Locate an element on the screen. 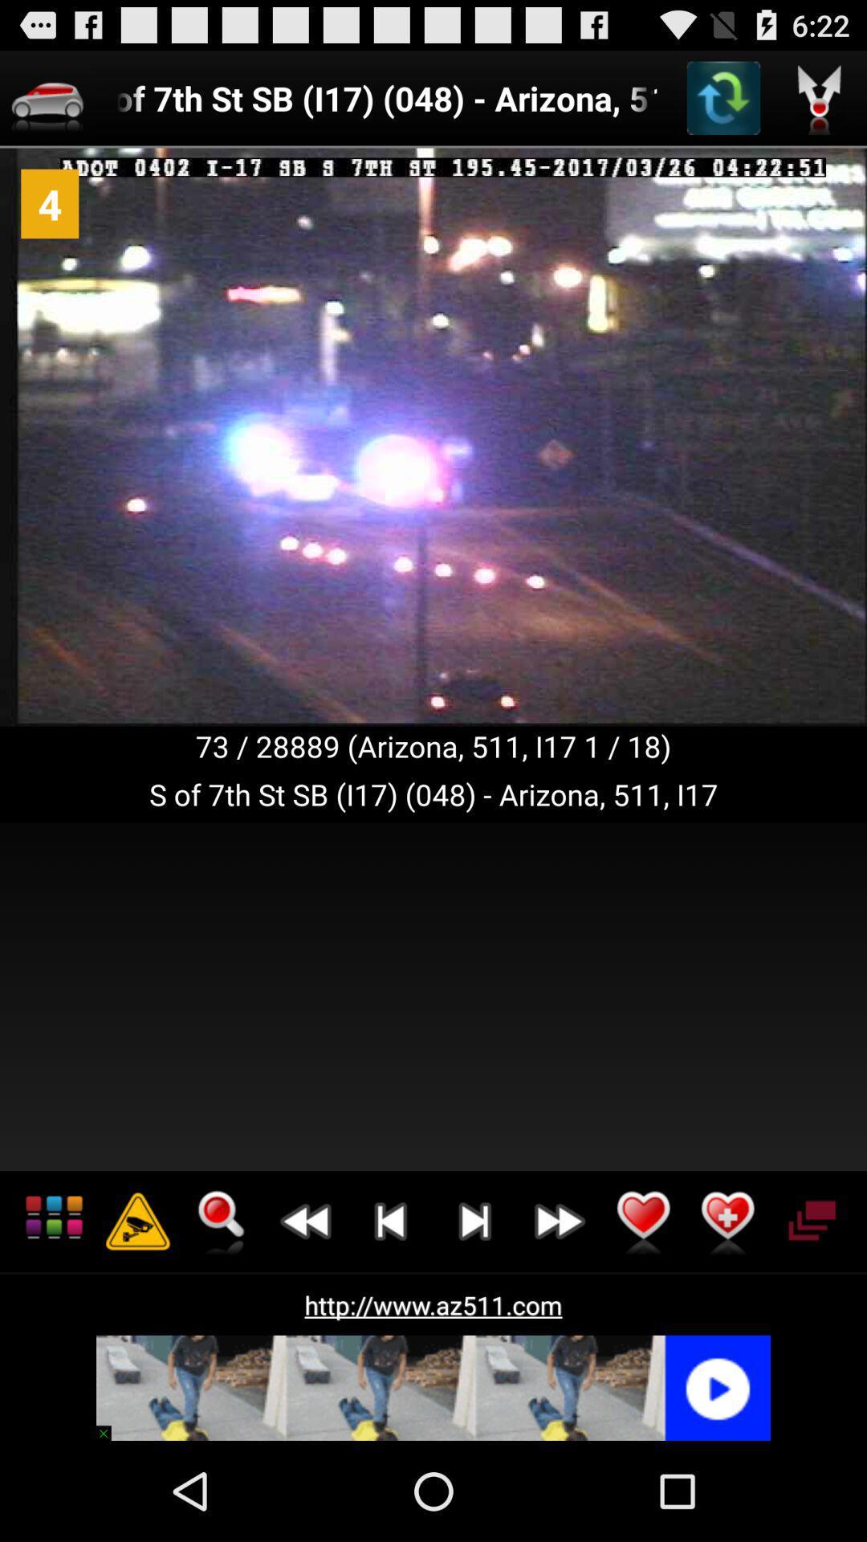 This screenshot has height=1542, width=867. refresh camera view is located at coordinates (723, 97).